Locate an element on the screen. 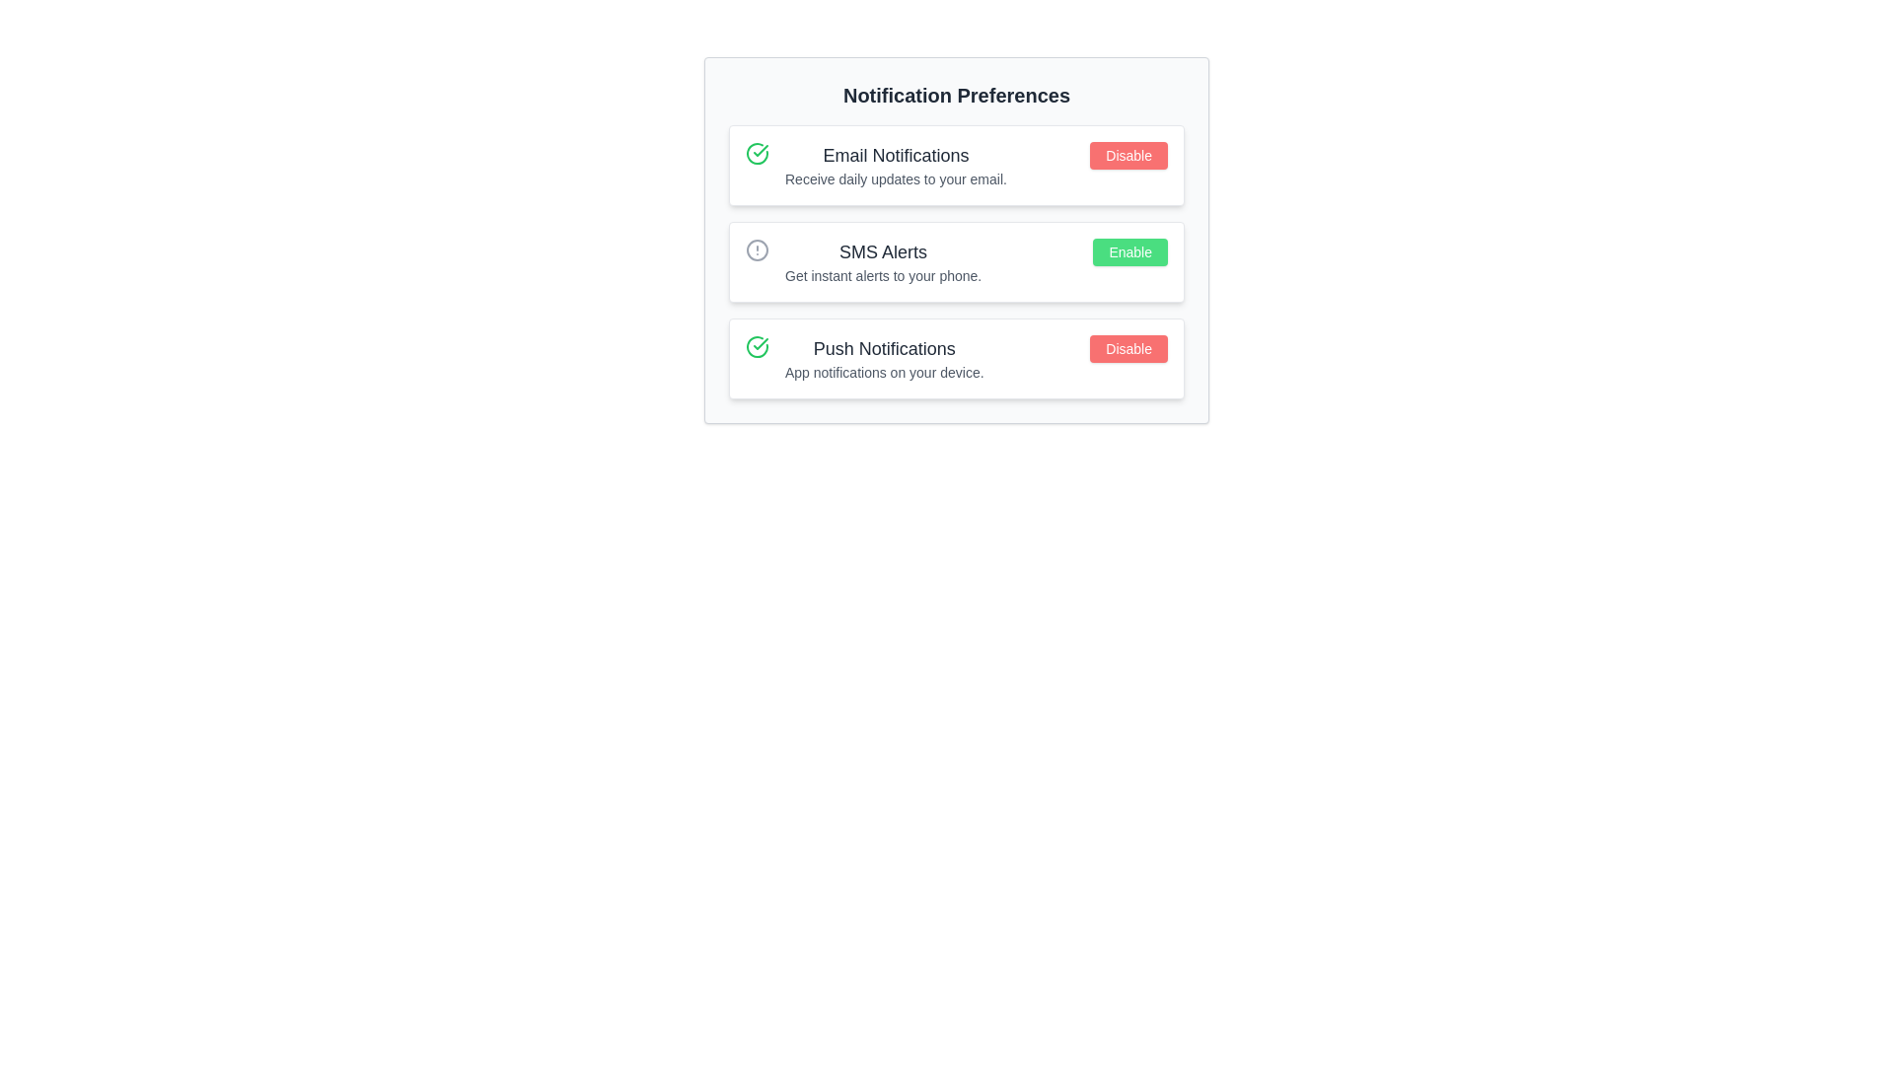 This screenshot has height=1065, width=1894. the text label providing additional information about the 'Push Notifications' setting, located beneath the 'Push Notifications' heading in the third notification preference card is located at coordinates (883, 373).